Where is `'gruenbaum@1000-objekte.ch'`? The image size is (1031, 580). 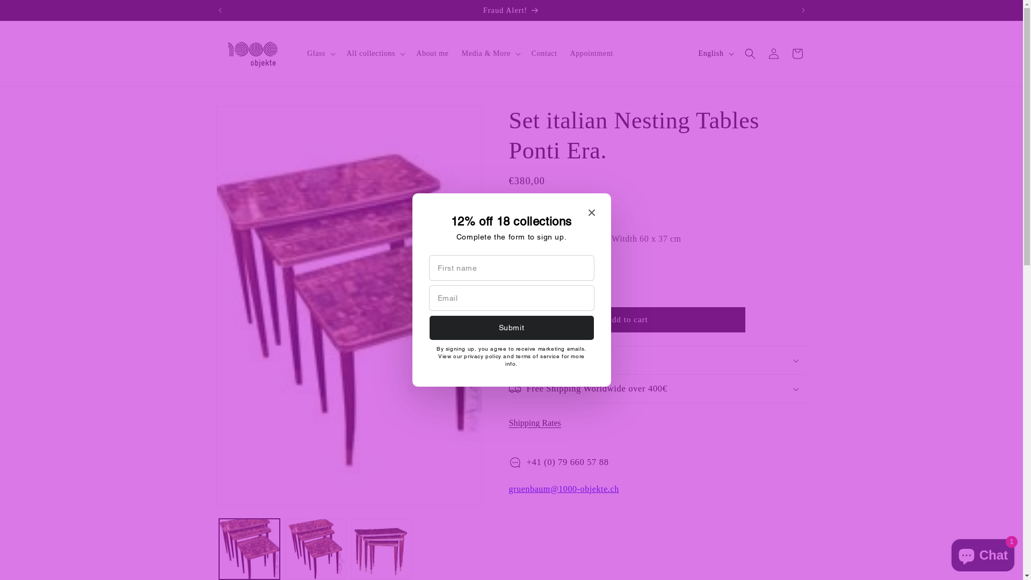
'gruenbaum@1000-objekte.ch' is located at coordinates (563, 489).